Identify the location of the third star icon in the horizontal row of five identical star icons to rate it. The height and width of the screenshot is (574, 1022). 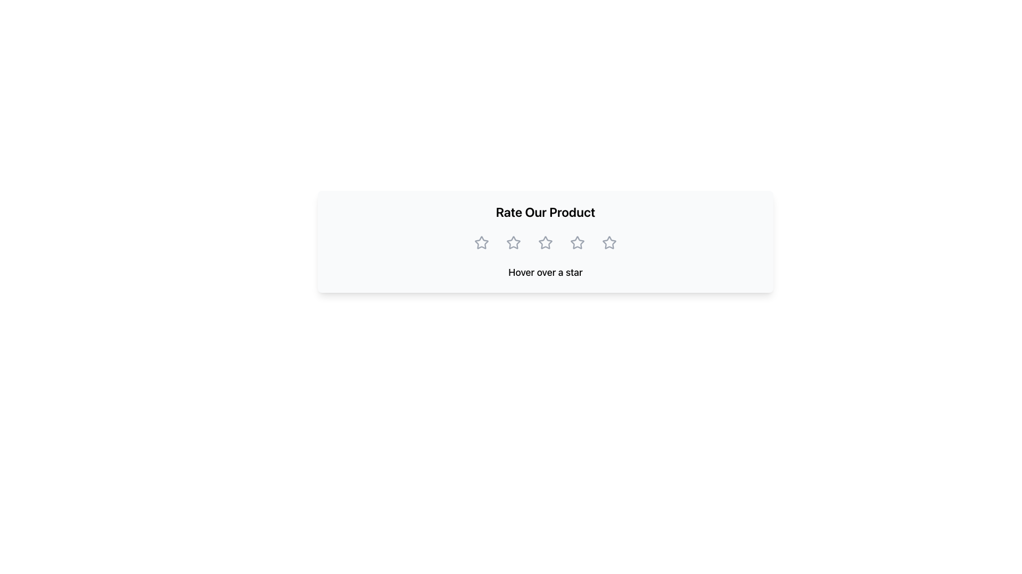
(576, 242).